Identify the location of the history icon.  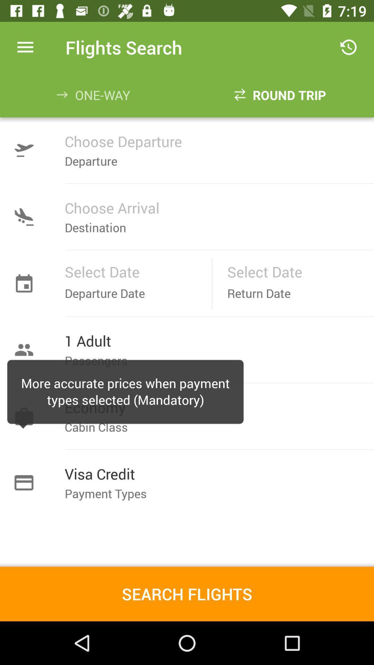
(348, 47).